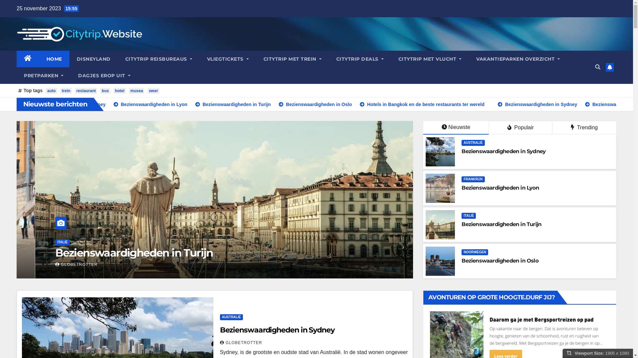 The width and height of the screenshot is (638, 358). I want to click on 'Nieuwste', so click(422, 128).